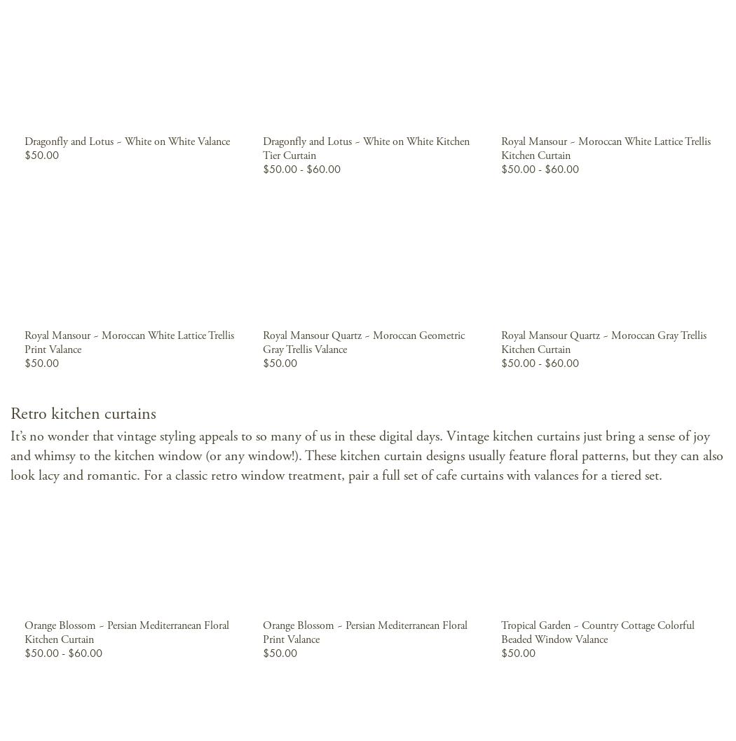  Describe the element at coordinates (366, 455) in the screenshot. I see `'It’s no wonder that vintage styling appeals to so many of us in these digital days. Vintage kitchen curtains just bring a sense of joy and whimsy to the kitchen window (or any window!). These kitchen curtain designs usually feature floral patterns, but they can also look lacy and romantic. For a classic retro window treatment, pair a full set of cafe curtains with valances for a tiered set.'` at that location.